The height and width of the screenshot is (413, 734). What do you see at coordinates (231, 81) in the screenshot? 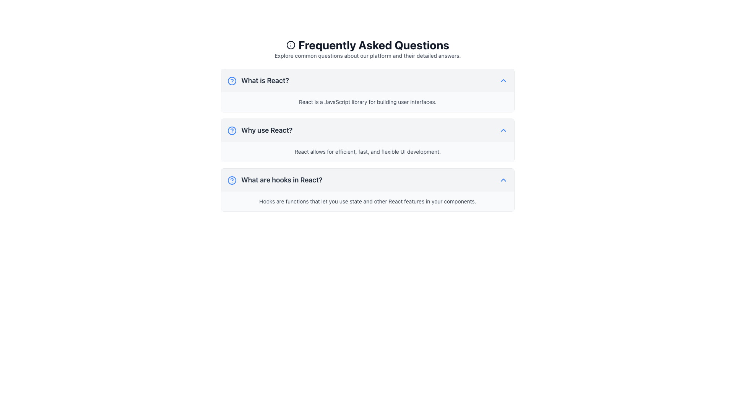
I see `the SVG Shape (Circle) element that is located to the left of the title text 'What is React?' in the FAQ list` at bounding box center [231, 81].